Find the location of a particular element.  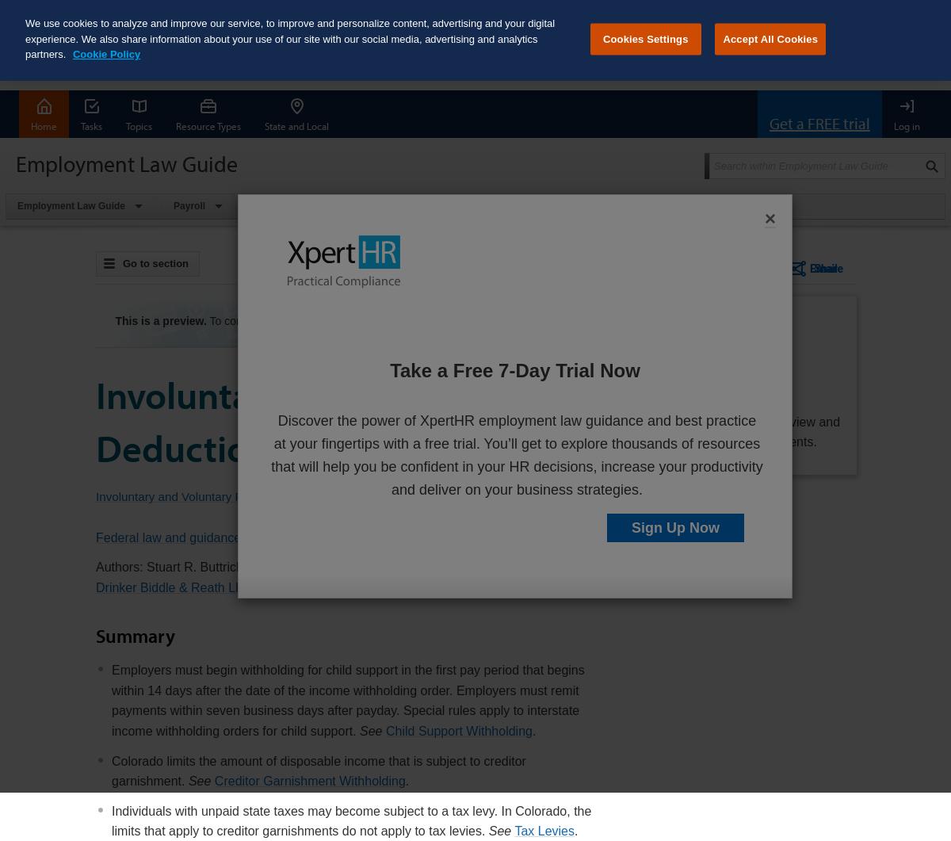

'or' is located at coordinates (540, 320).